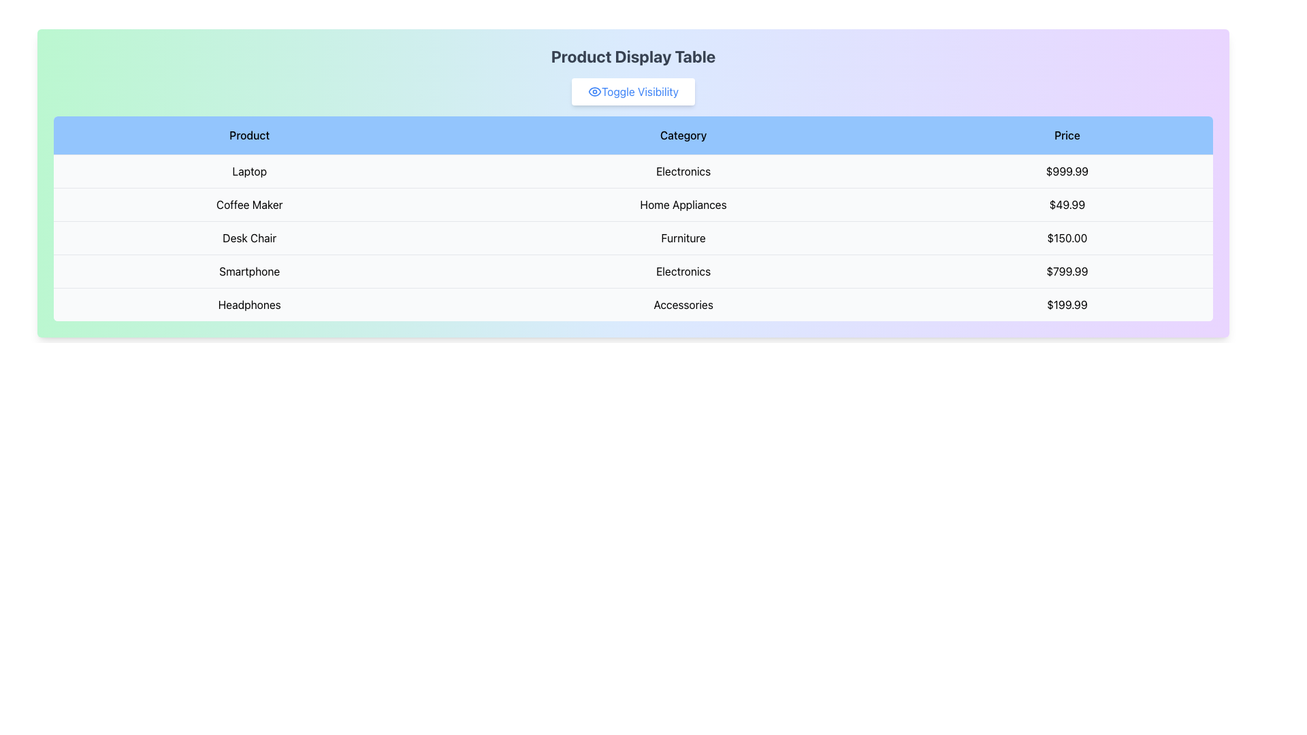  I want to click on text label indicating the category 'Home Appliances' located in the second row of the table under the 'Category' column, so click(683, 204).